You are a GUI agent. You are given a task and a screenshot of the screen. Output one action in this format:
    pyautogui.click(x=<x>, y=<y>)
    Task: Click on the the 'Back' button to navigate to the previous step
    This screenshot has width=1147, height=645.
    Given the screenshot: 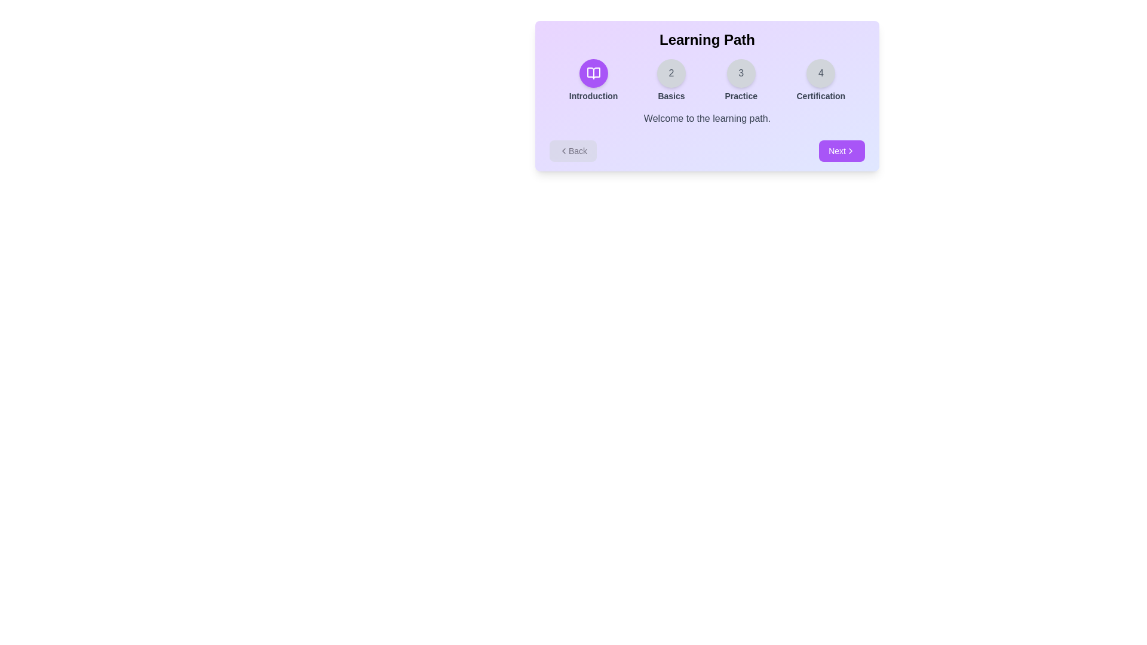 What is the action you would take?
    pyautogui.click(x=572, y=150)
    